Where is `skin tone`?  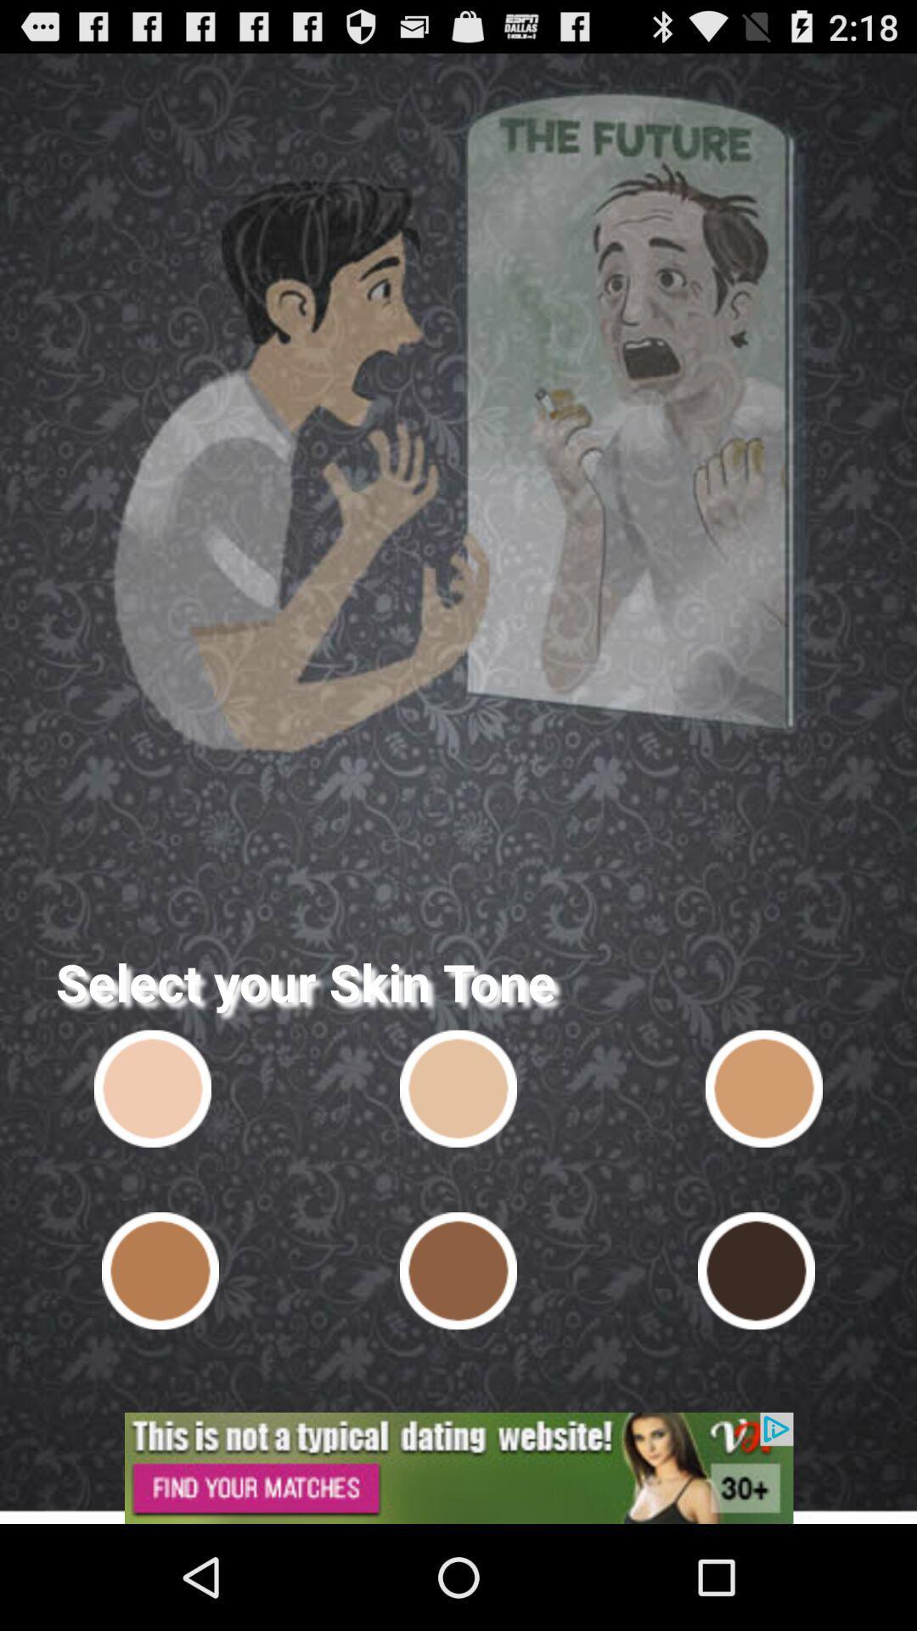 skin tone is located at coordinates (756, 1271).